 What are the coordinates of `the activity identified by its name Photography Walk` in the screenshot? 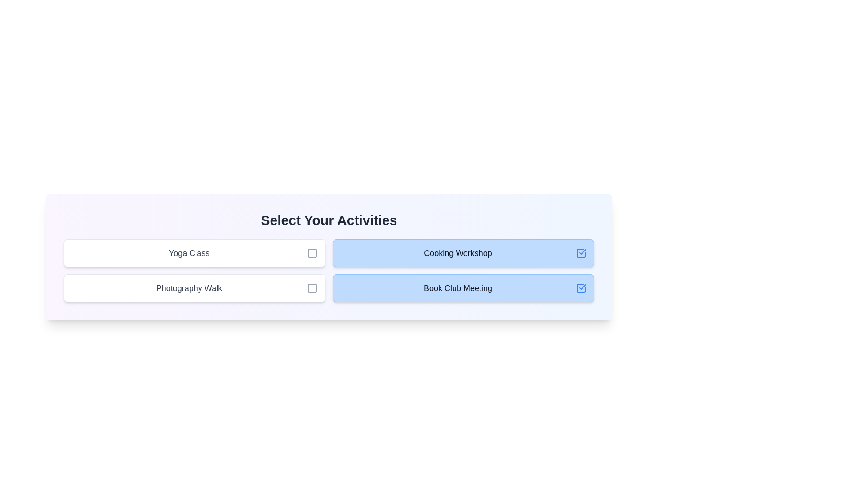 It's located at (312, 288).